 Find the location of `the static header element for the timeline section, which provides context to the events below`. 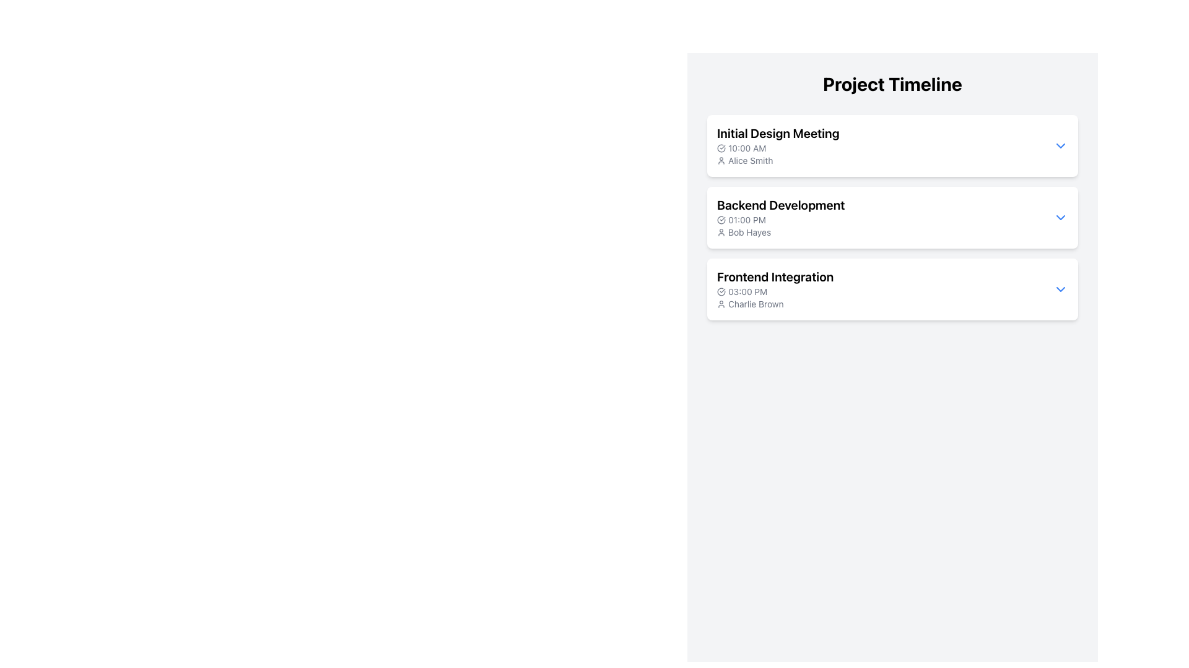

the static header element for the timeline section, which provides context to the events below is located at coordinates (892, 83).